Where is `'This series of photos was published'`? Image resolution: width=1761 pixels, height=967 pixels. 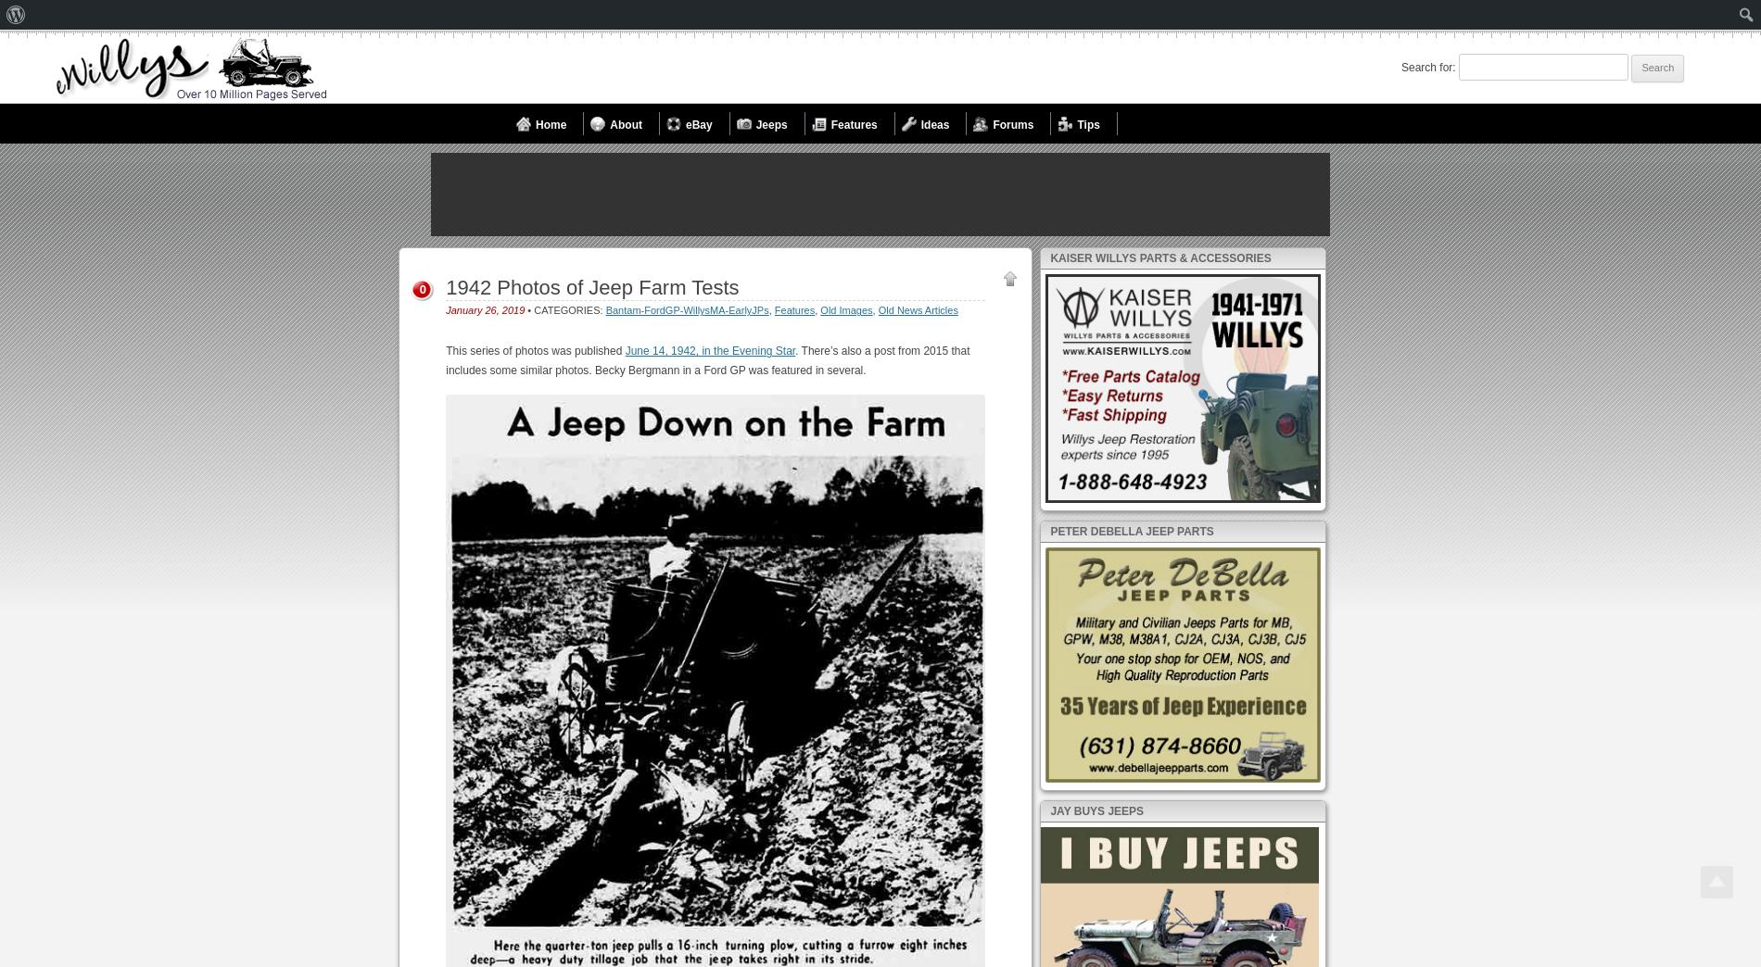 'This series of photos was published' is located at coordinates (535, 350).